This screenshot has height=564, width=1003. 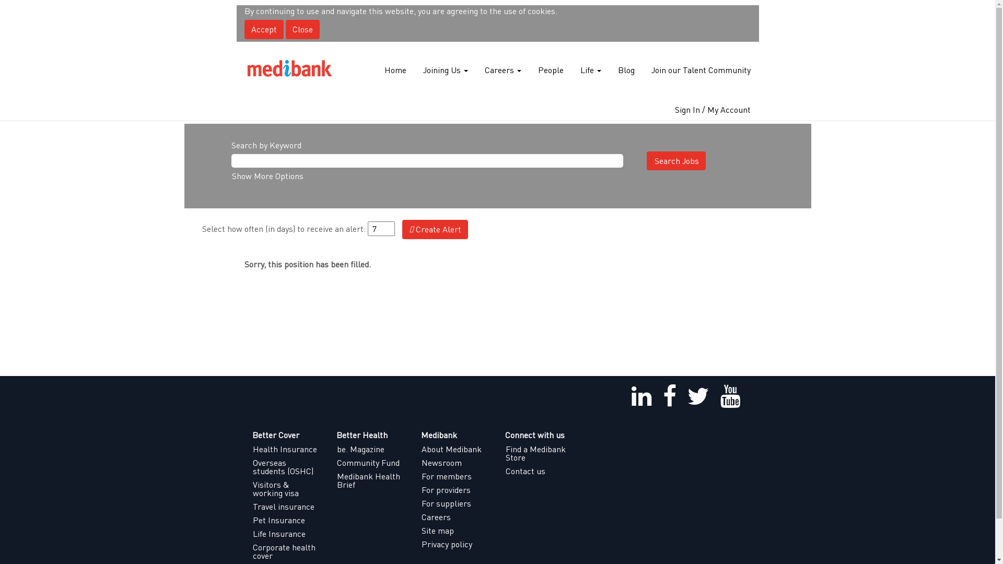 What do you see at coordinates (456, 462) in the screenshot?
I see `'Newsroom'` at bounding box center [456, 462].